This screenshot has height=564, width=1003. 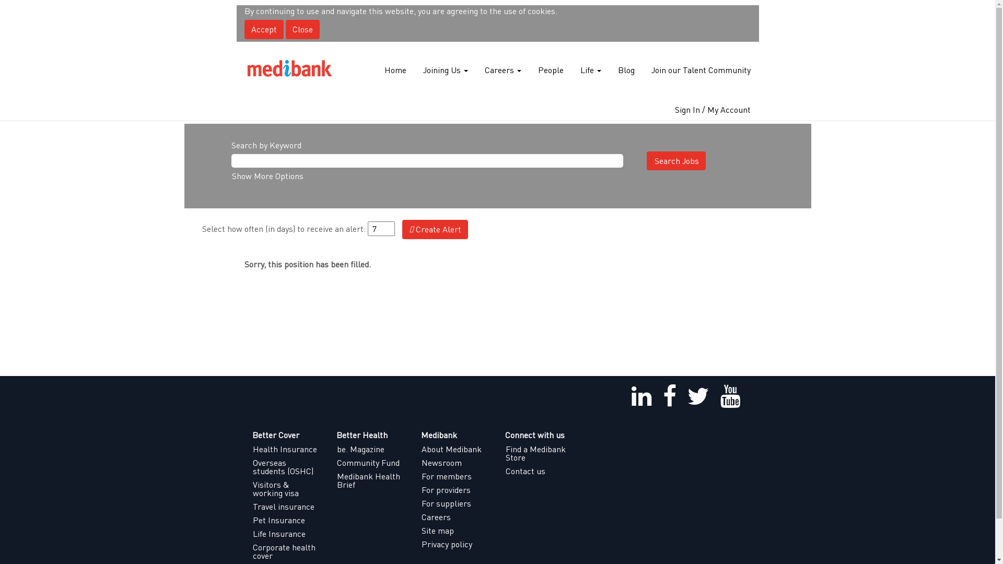 What do you see at coordinates (456, 462) in the screenshot?
I see `'Newsroom'` at bounding box center [456, 462].